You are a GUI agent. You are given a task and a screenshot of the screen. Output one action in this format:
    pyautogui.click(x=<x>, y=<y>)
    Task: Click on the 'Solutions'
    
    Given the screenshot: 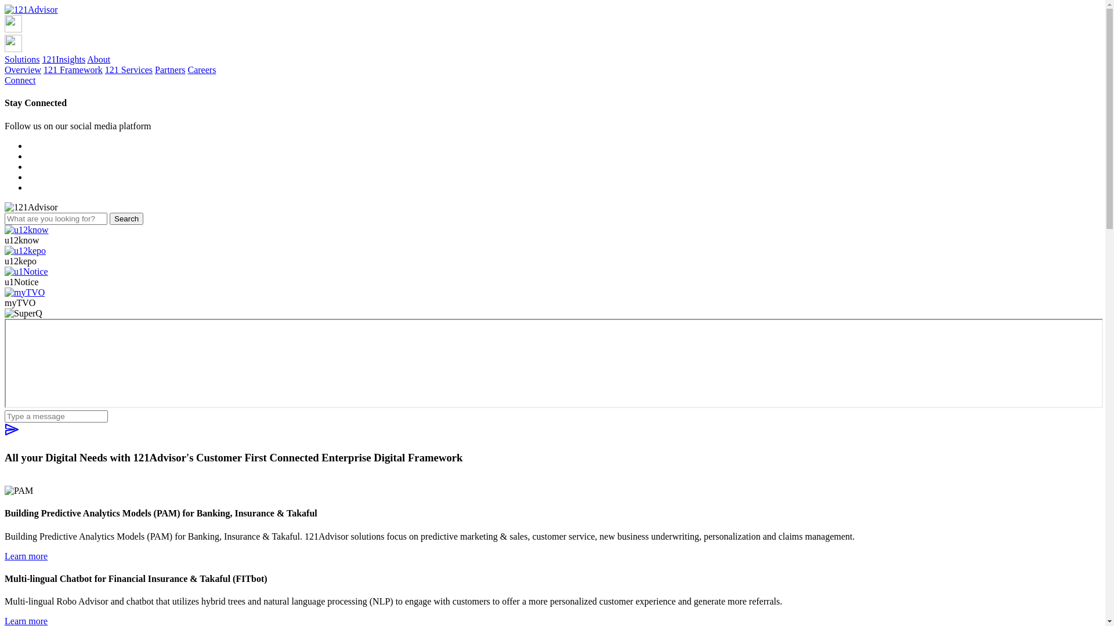 What is the action you would take?
    pyautogui.click(x=22, y=59)
    